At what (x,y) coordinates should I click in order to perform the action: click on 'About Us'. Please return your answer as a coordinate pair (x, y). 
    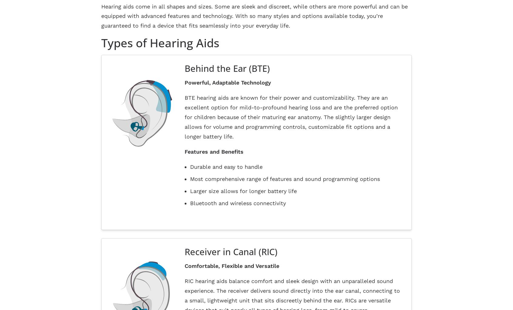
    Looking at the image, I should click on (257, 220).